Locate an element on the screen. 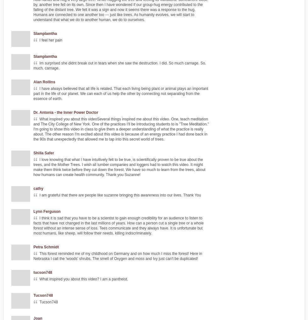 This screenshot has width=308, height=320. 'Dr. Antonia - the Inner Power Doctor' is located at coordinates (66, 113).